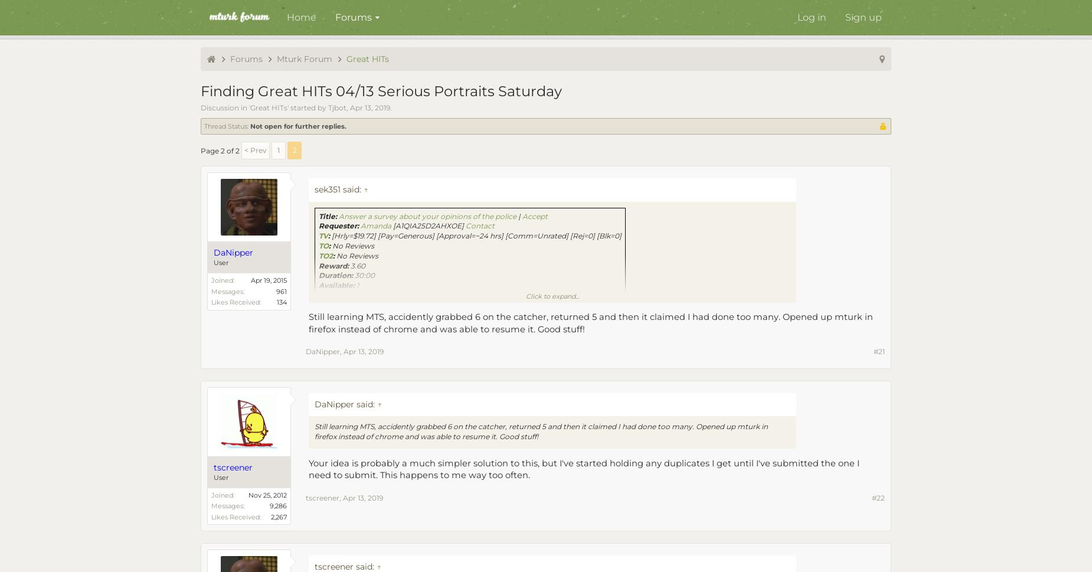 This screenshot has height=572, width=1092. Describe the element at coordinates (535, 215) in the screenshot. I see `'Accept'` at that location.